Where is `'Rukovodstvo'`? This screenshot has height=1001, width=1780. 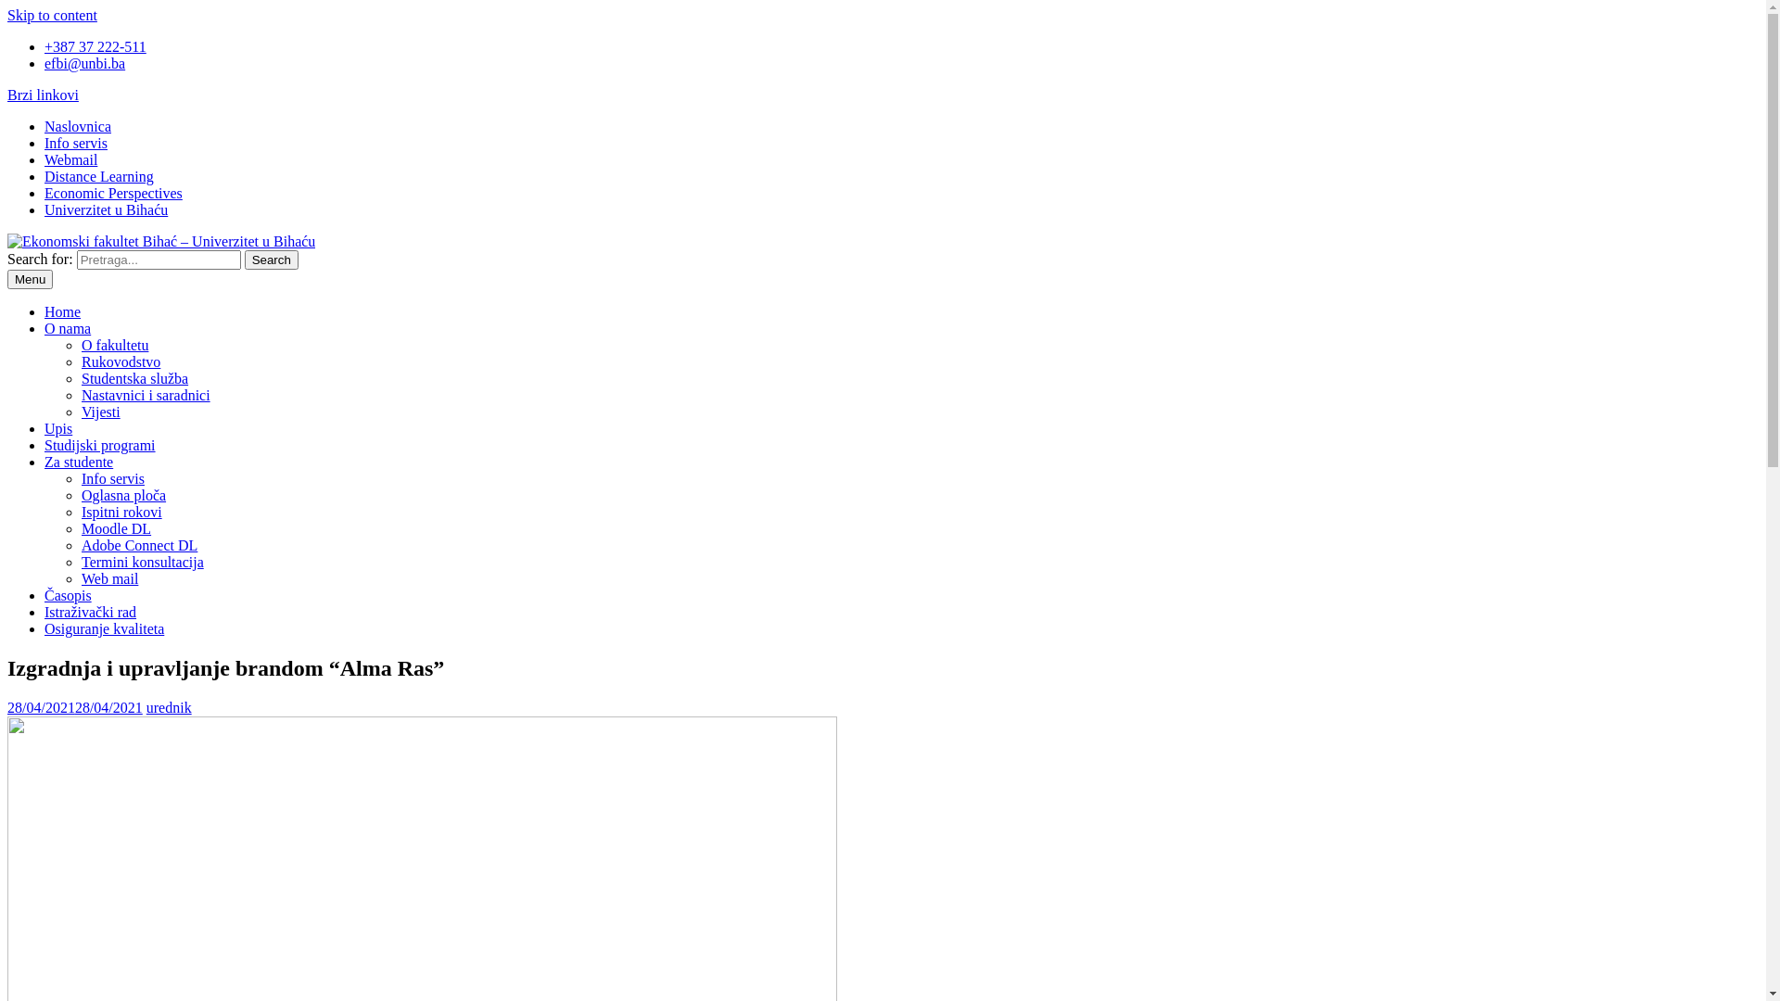
'Rukovodstvo' is located at coordinates (120, 361).